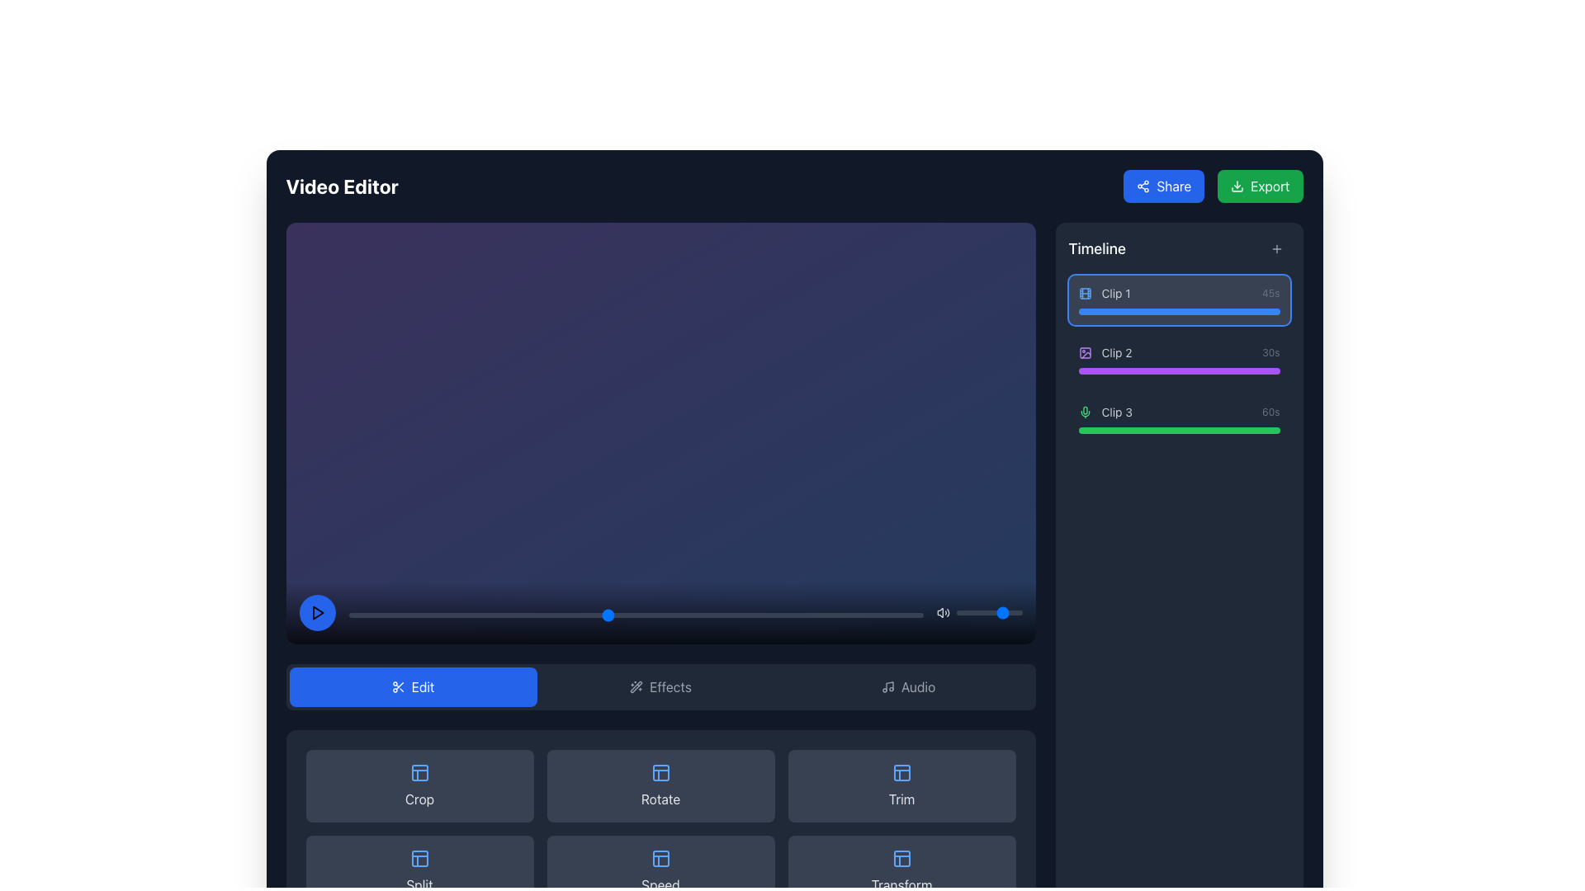 Image resolution: width=1585 pixels, height=891 pixels. I want to click on the scissor icon located within the blue rectangular 'Edit' button positioned on the far-left of the horizontal button row, so click(398, 686).